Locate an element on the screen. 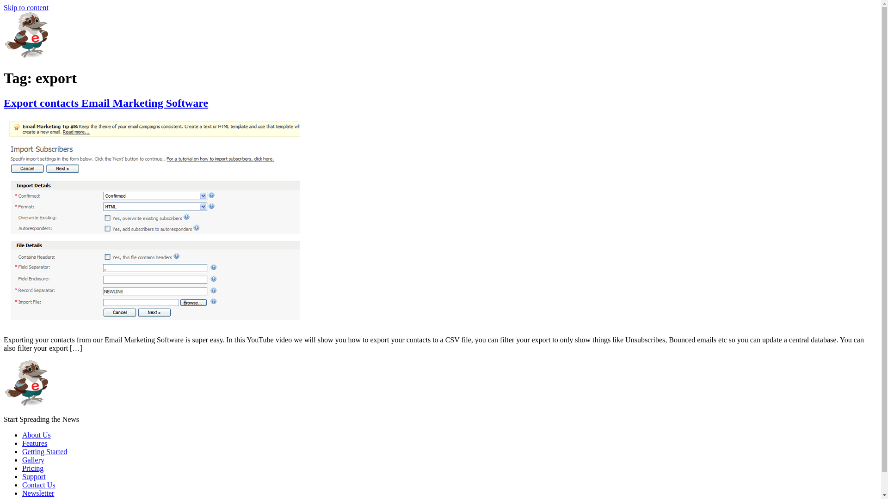 The height and width of the screenshot is (499, 888). 'Contact Us' is located at coordinates (38, 484).